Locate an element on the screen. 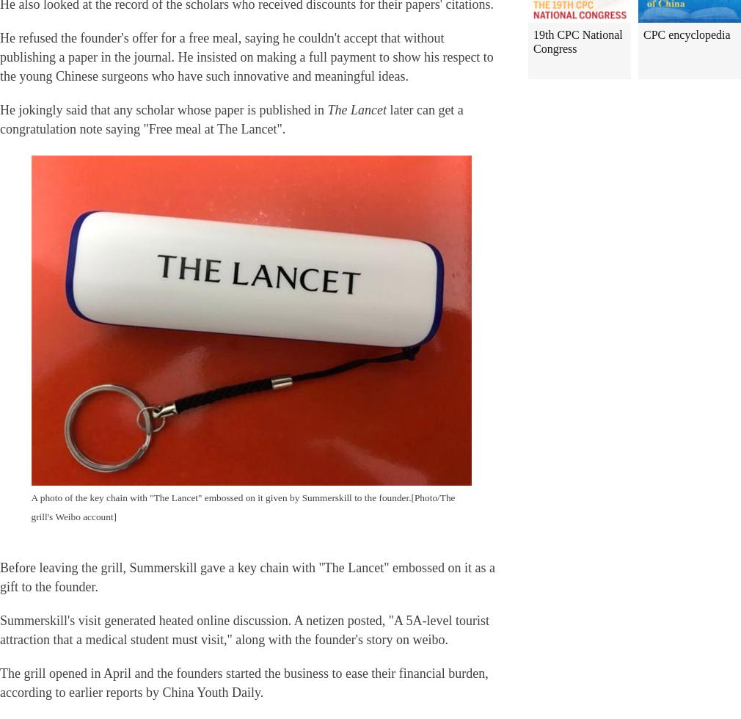 This screenshot has height=719, width=741. 'CPC encyclopedia' is located at coordinates (686, 34).